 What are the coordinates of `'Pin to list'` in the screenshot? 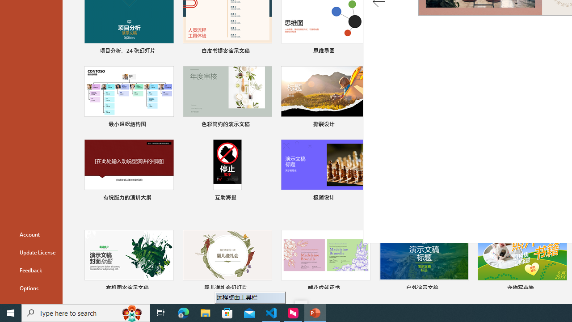 It's located at (560, 288).